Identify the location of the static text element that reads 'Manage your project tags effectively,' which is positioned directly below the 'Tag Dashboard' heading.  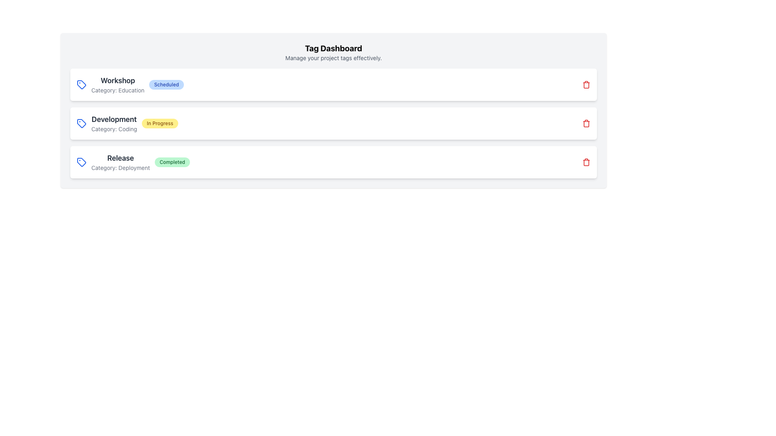
(333, 57).